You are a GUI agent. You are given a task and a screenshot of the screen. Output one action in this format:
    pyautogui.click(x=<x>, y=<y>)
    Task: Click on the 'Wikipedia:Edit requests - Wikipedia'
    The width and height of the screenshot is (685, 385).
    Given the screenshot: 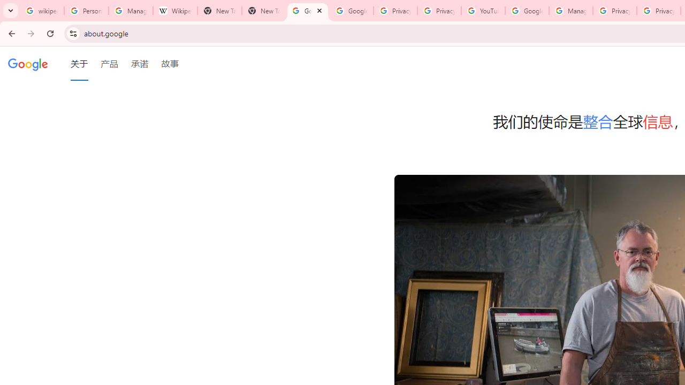 What is the action you would take?
    pyautogui.click(x=175, y=11)
    